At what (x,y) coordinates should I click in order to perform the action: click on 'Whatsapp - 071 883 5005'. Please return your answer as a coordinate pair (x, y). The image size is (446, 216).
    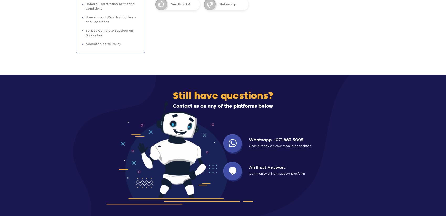
    Looking at the image, I should click on (276, 140).